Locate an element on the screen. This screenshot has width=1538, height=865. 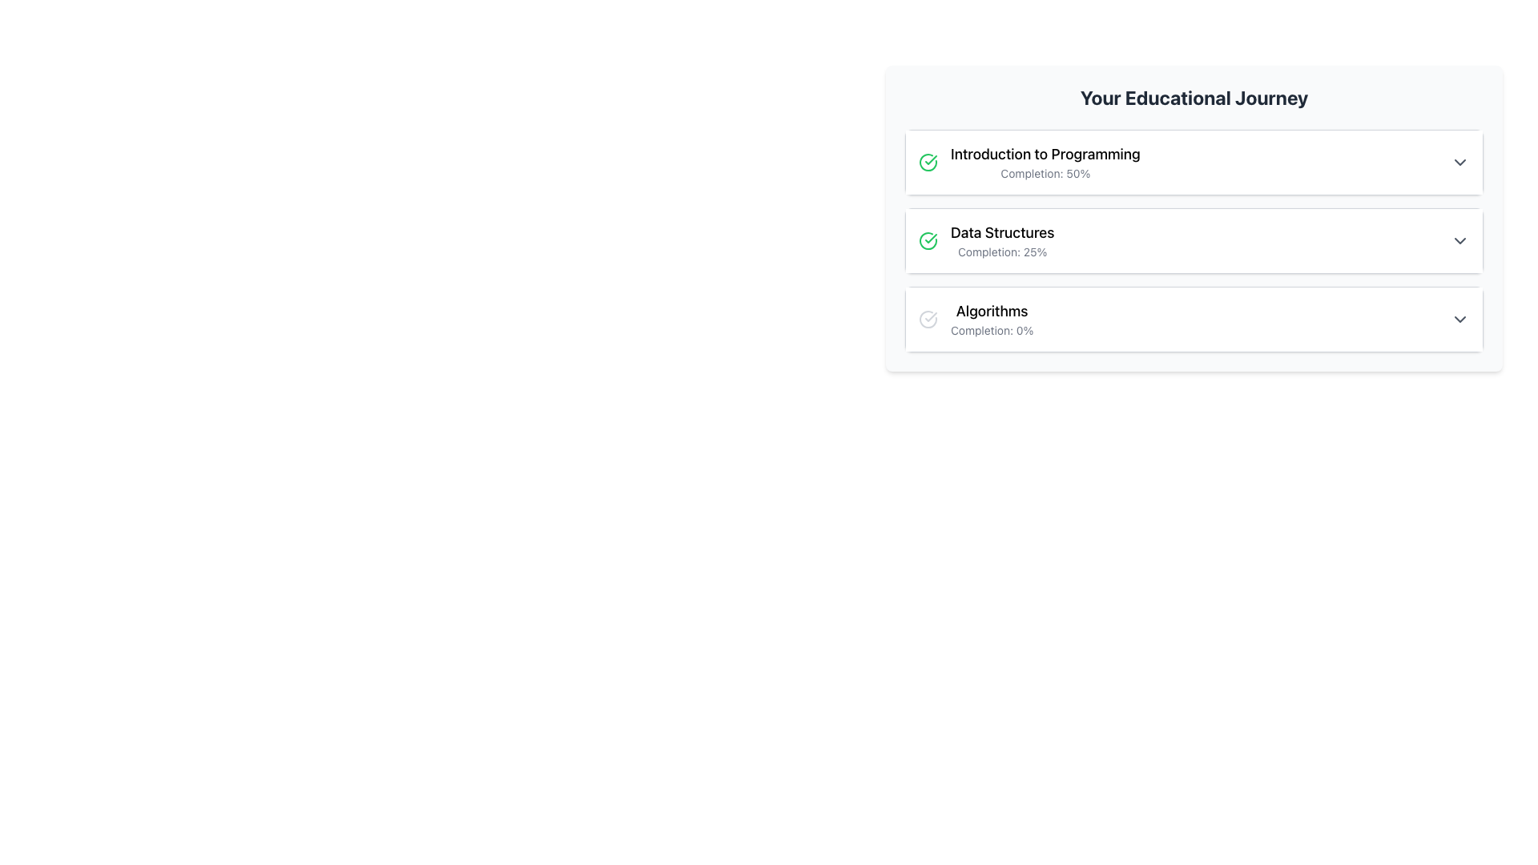
the checkmark icon indicating the completion status of the 'Introduction to Programming' course located in the 'Your Educational Journey' panel is located at coordinates (931, 238).